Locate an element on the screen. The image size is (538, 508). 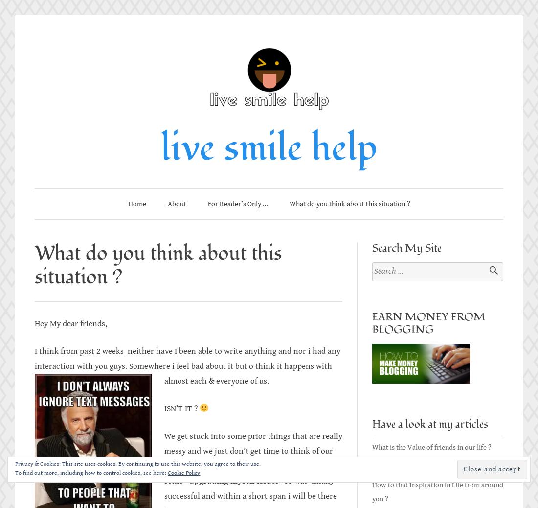
'I think from past 2 weeks  neither have I been able to write anything and nor i had any interaction with you guys. Somewhere i feel bad about it but o think it happens with almost each & everyone of us.' is located at coordinates (187, 366).